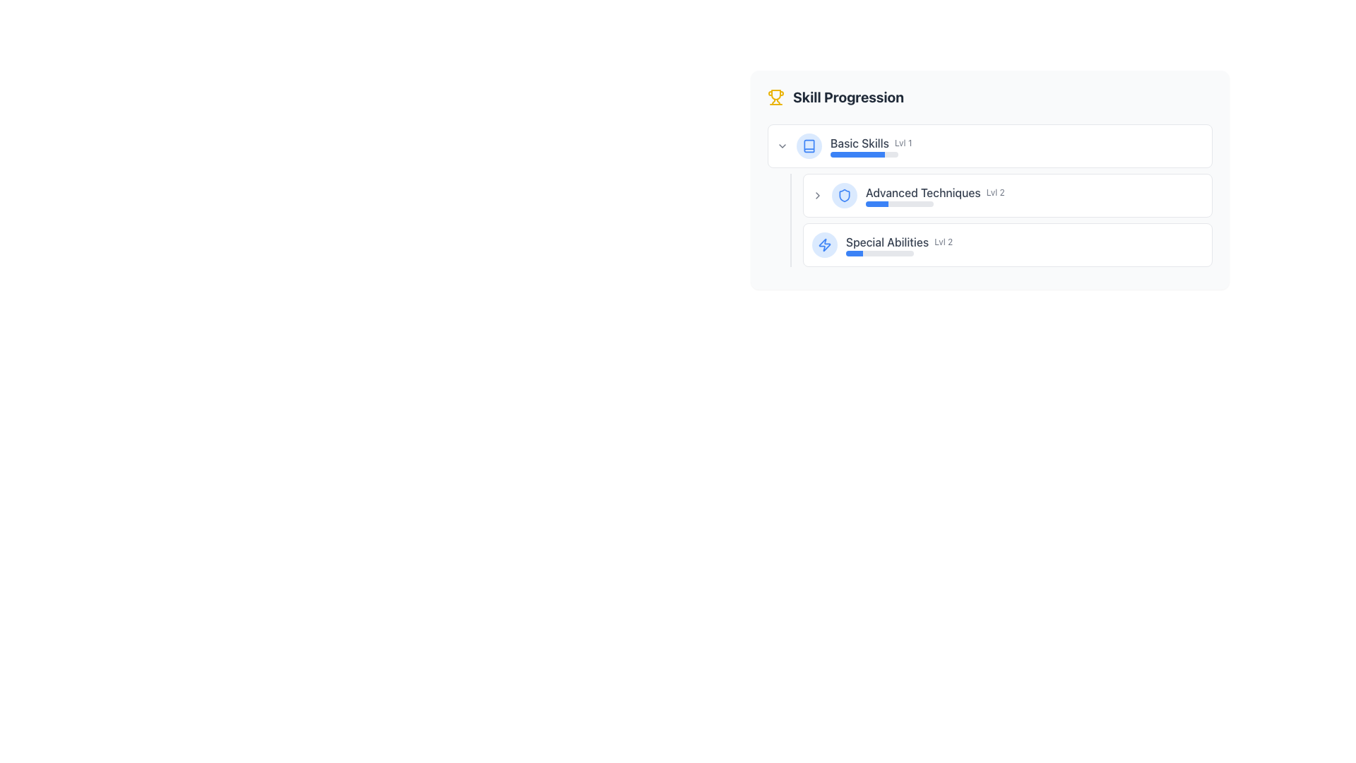  Describe the element at coordinates (853, 252) in the screenshot. I see `the blue progress bar segment within the 'Special Abilities' section of the 'Skill Progression' interface, indicating the completion percentage visually` at that location.